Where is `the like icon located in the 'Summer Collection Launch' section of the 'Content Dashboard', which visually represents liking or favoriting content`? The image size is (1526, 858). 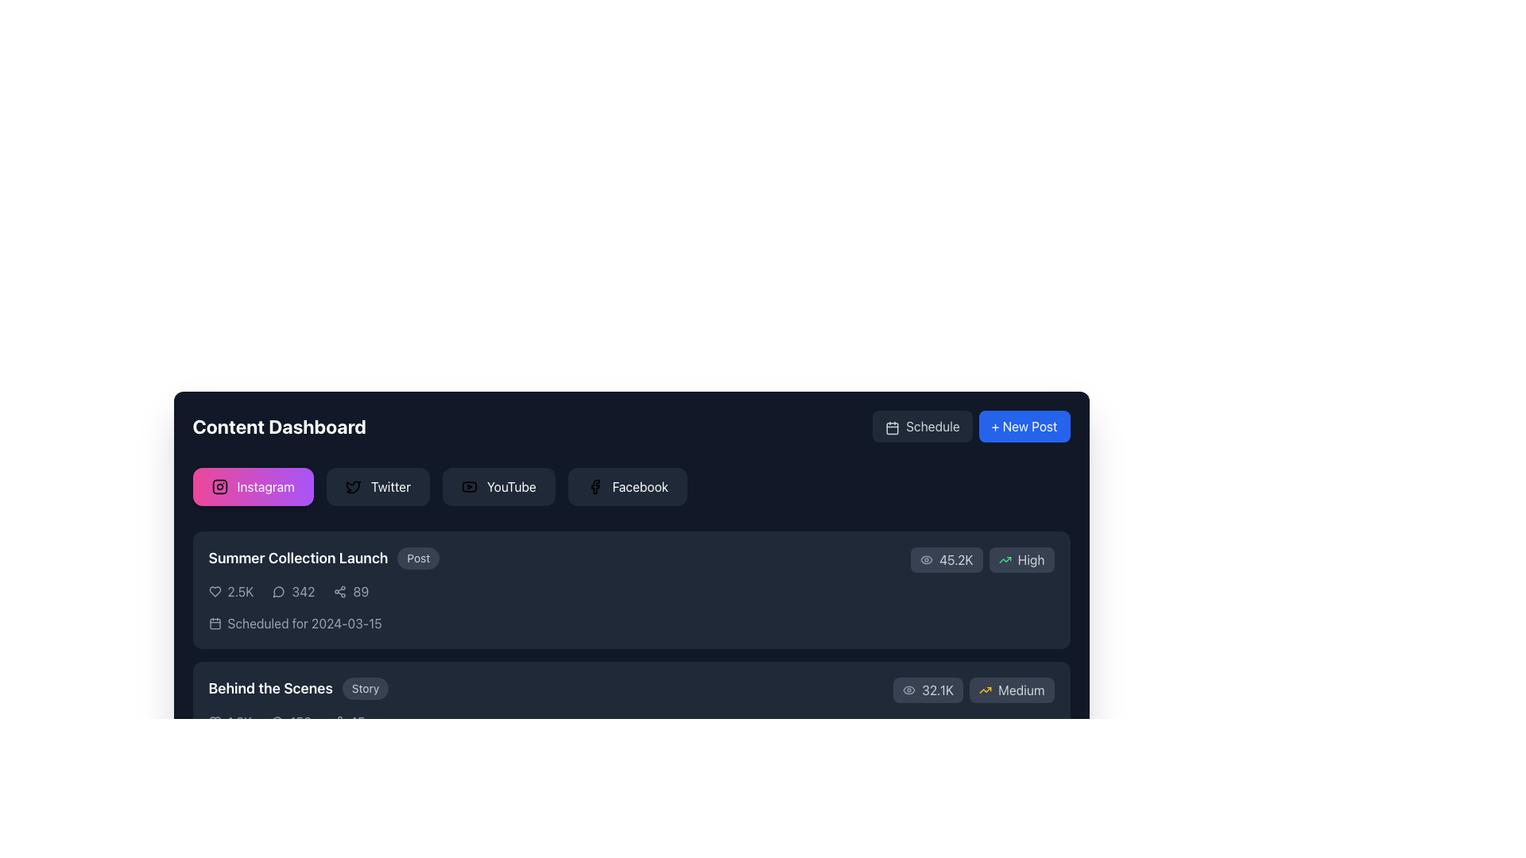 the like icon located in the 'Summer Collection Launch' section of the 'Content Dashboard', which visually represents liking or favoriting content is located at coordinates (214, 591).